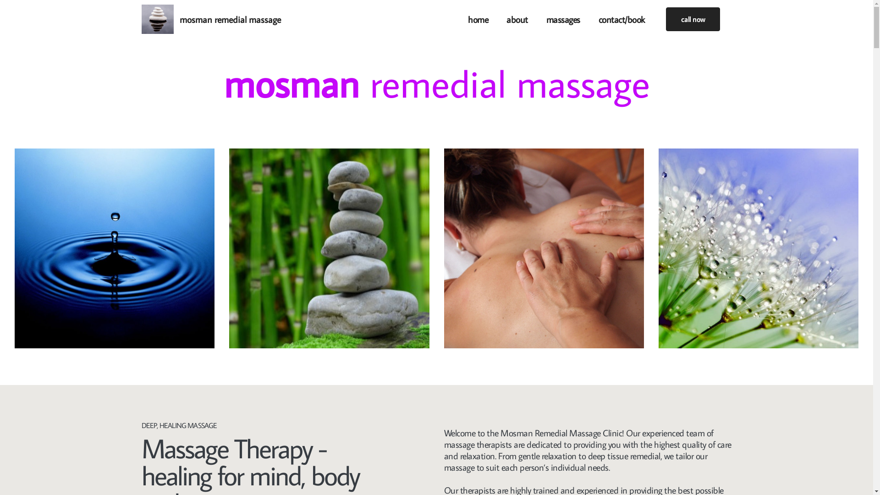 Image resolution: width=880 pixels, height=495 pixels. I want to click on 'about', so click(517, 19).